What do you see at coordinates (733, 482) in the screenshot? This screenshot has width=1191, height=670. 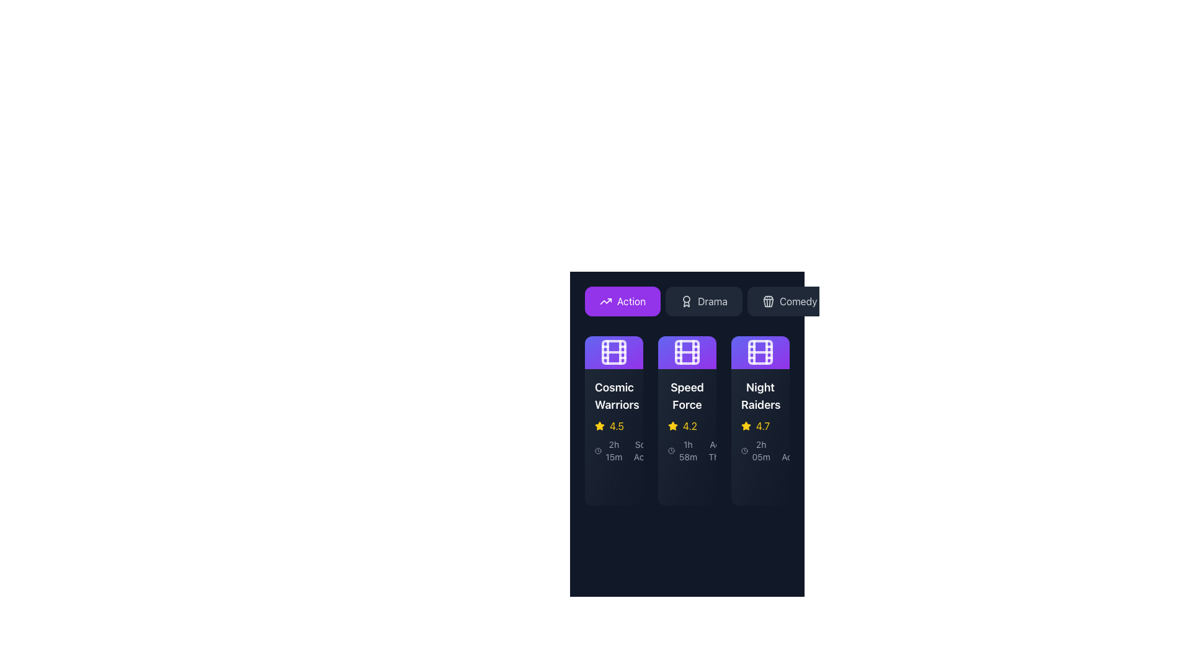 I see `the interactive button located in the bottom-right corner of the 'Night Raiders' card` at bounding box center [733, 482].